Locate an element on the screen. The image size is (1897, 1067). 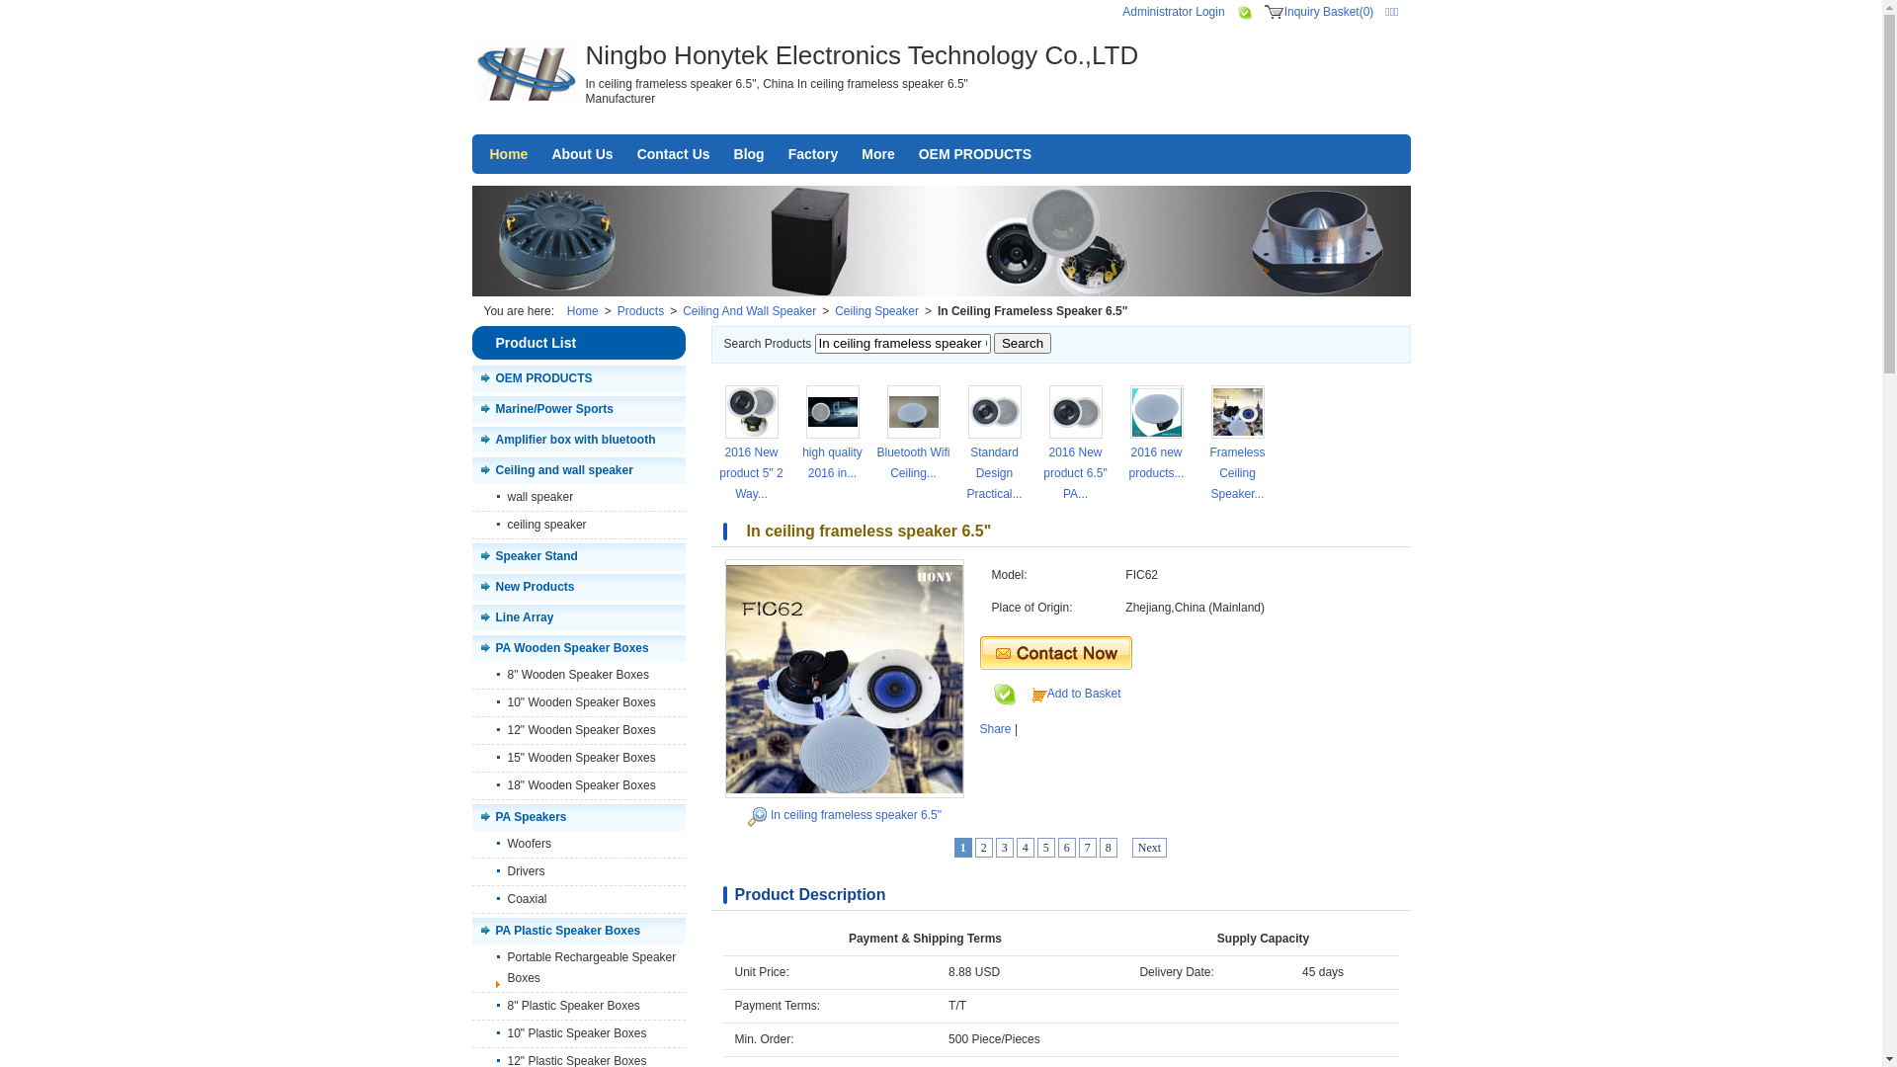
'8" Wooden Speaker Boxes' is located at coordinates (577, 674).